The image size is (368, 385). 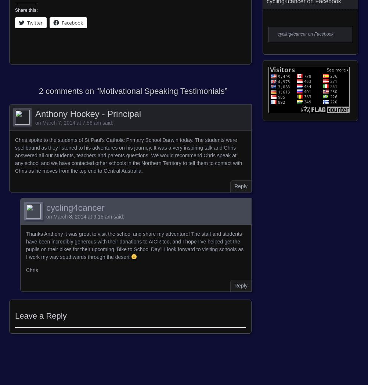 What do you see at coordinates (88, 113) in the screenshot?
I see `'Anthony Hockey - Principal'` at bounding box center [88, 113].